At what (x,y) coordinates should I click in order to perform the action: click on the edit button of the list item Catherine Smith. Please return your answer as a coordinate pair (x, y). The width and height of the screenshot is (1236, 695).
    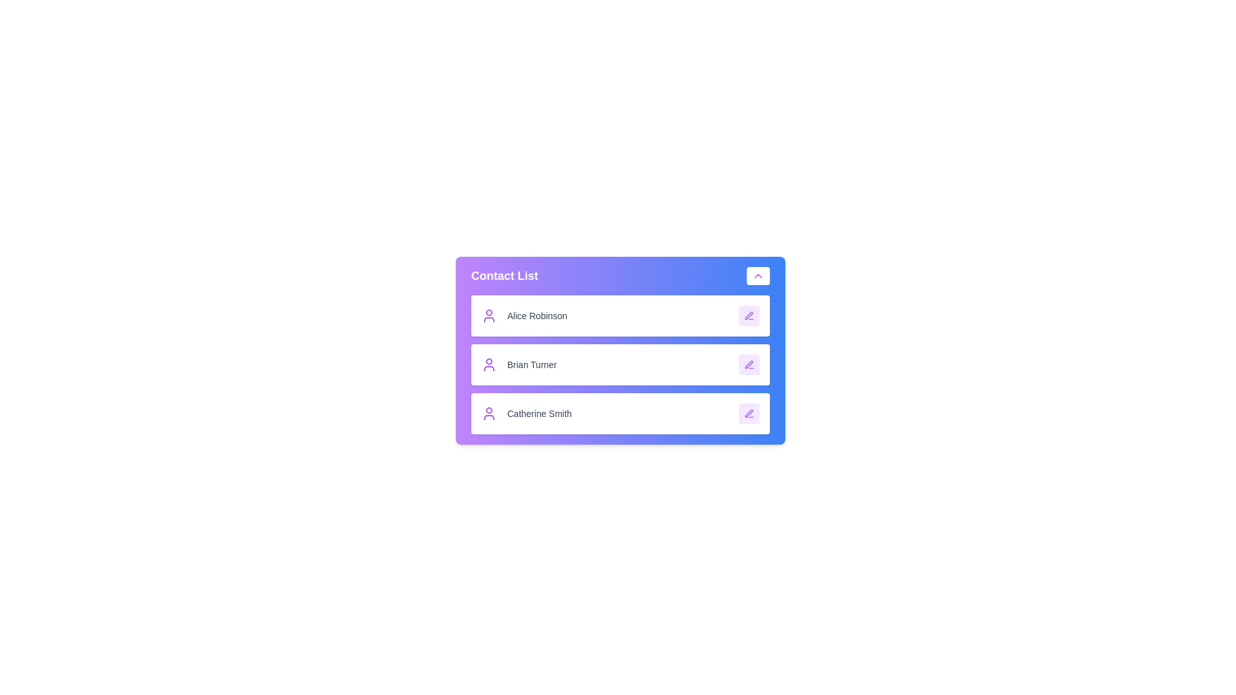
    Looking at the image, I should click on (749, 414).